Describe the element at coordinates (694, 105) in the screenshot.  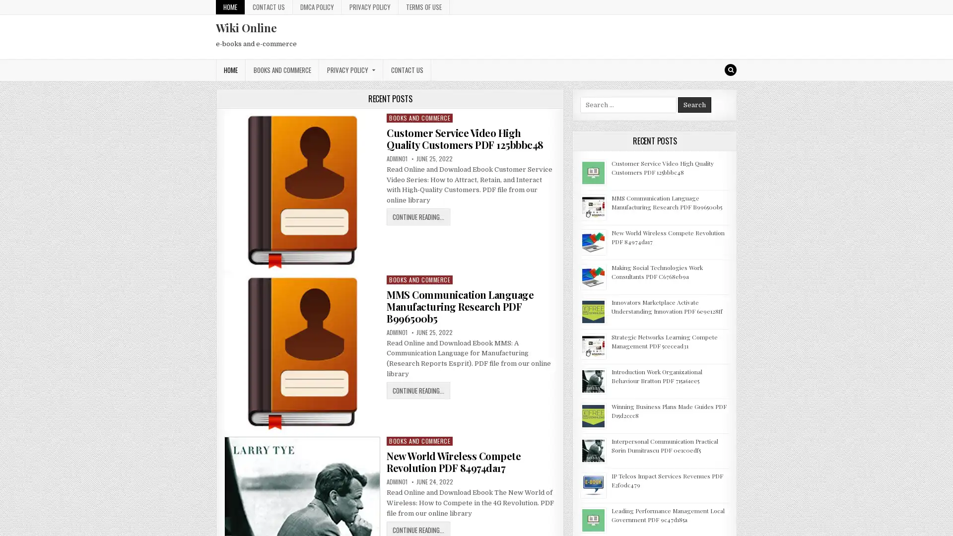
I see `Search` at that location.